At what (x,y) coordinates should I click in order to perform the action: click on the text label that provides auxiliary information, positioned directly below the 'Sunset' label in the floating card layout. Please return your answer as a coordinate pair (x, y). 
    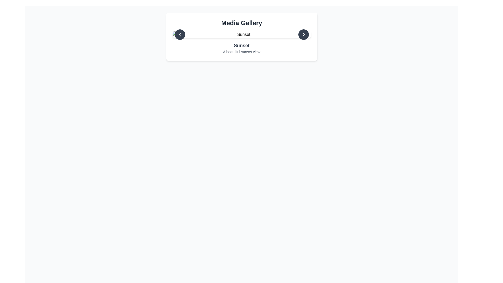
    Looking at the image, I should click on (241, 52).